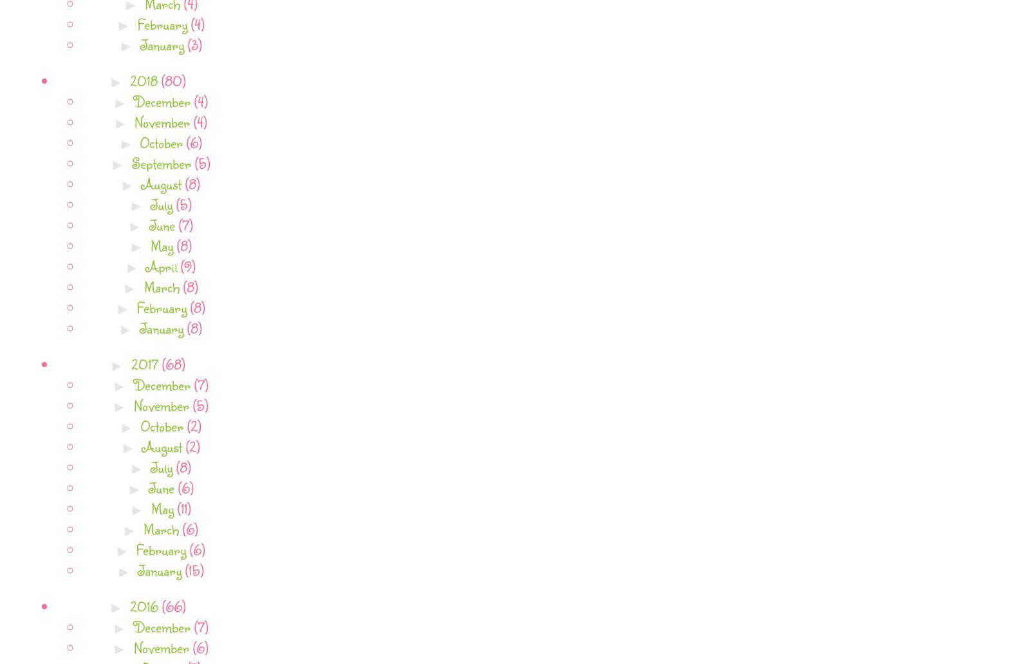 Image resolution: width=1035 pixels, height=664 pixels. What do you see at coordinates (163, 265) in the screenshot?
I see `'April'` at bounding box center [163, 265].